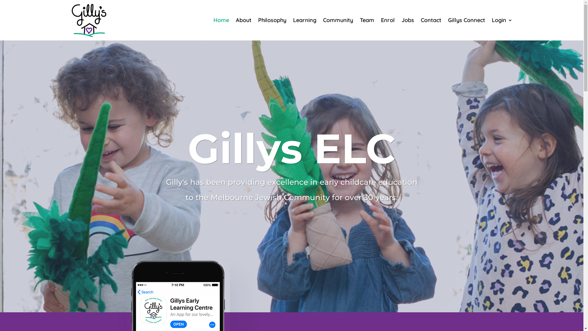 The width and height of the screenshot is (588, 331). What do you see at coordinates (502, 20) in the screenshot?
I see `'Login'` at bounding box center [502, 20].